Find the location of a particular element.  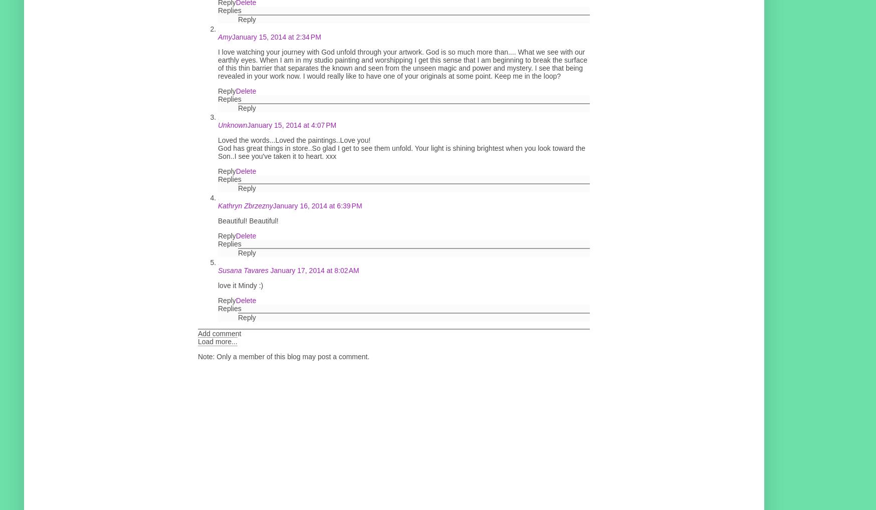

'Beautiful! Beautiful!' is located at coordinates (248, 220).